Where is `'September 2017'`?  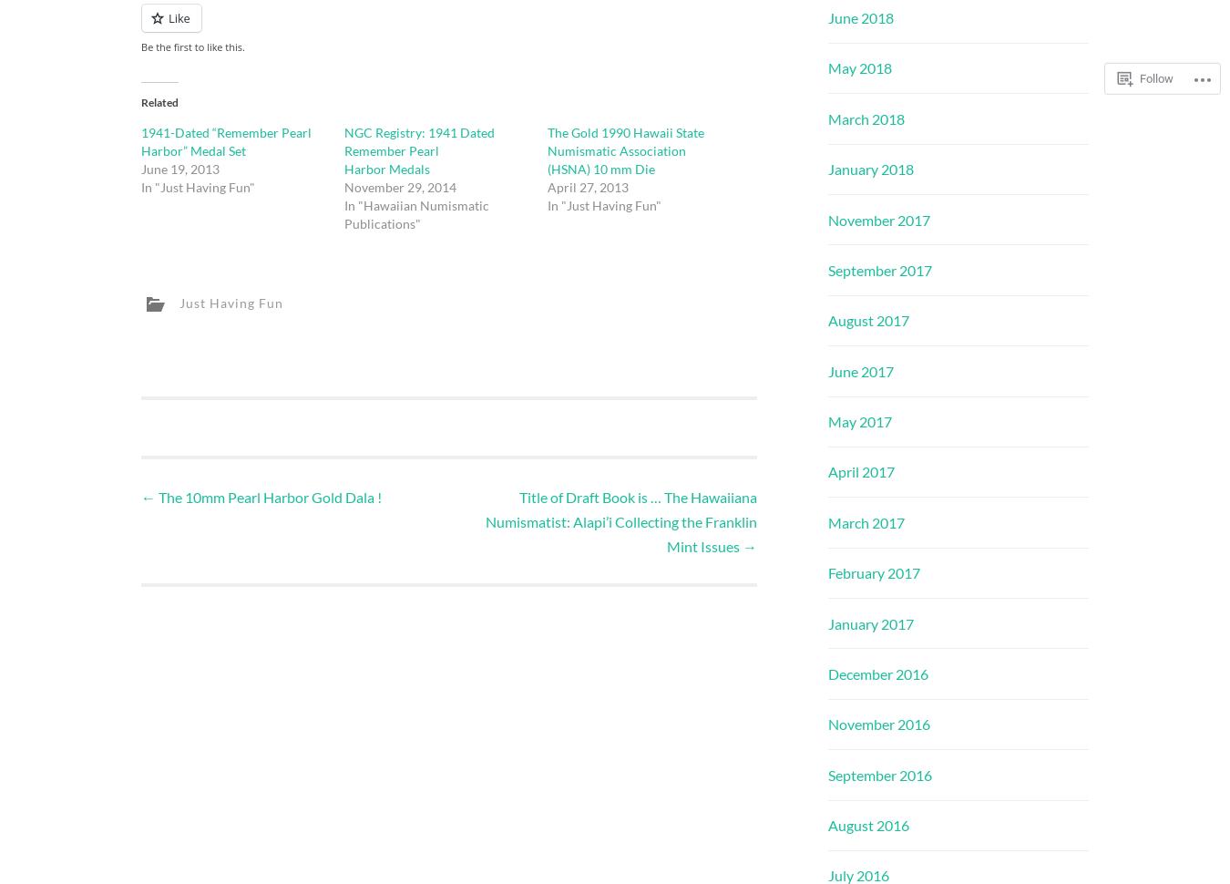 'September 2017' is located at coordinates (879, 269).